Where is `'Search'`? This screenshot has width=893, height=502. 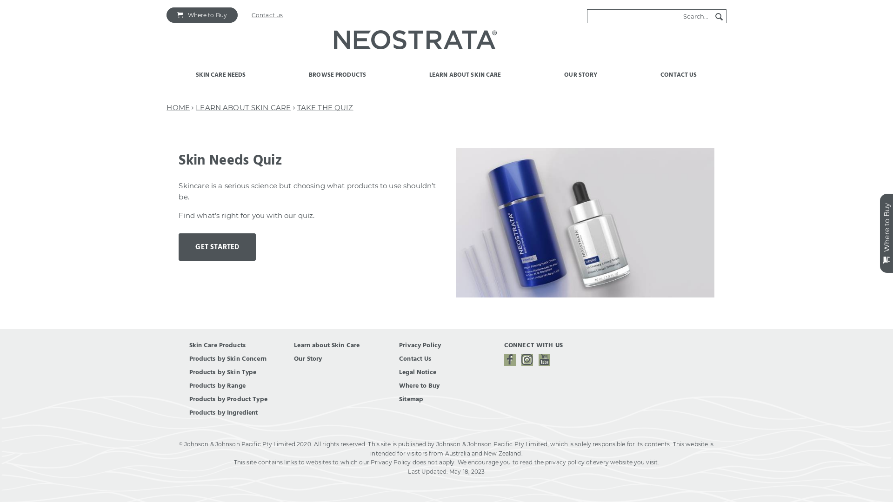 'Search' is located at coordinates (712, 16).